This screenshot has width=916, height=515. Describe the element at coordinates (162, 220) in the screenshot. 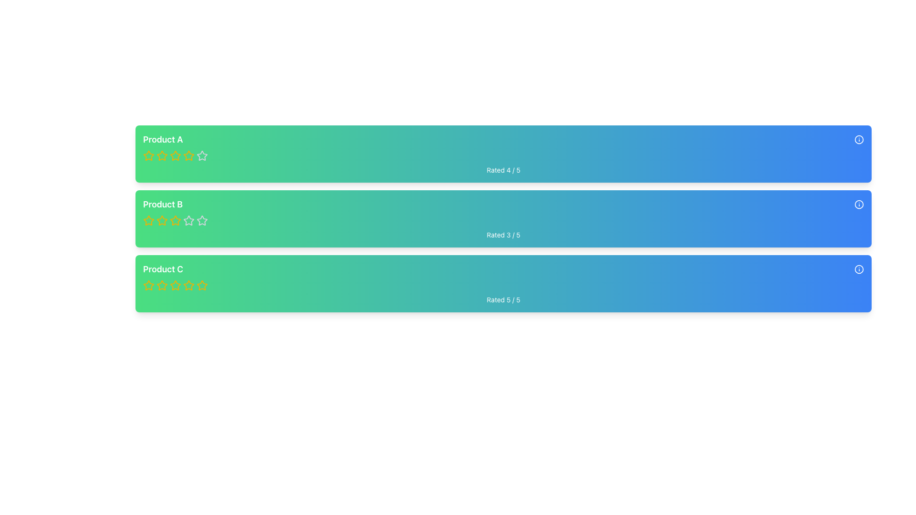

I see `the second yellow star-shaped icon in the row of rating stars under Product B` at that location.